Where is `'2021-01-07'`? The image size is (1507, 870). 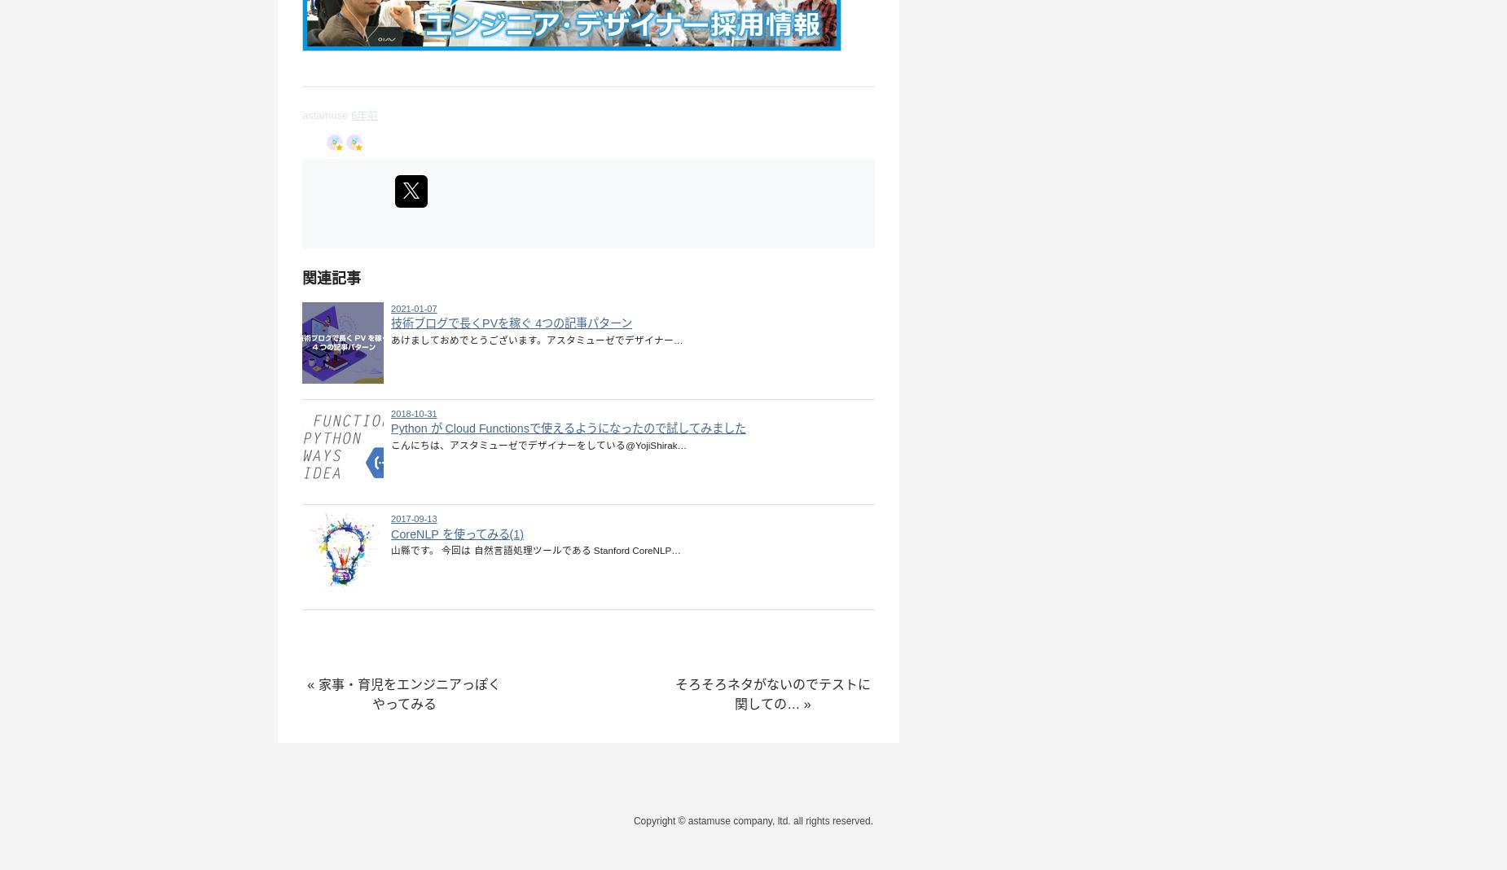
'2021-01-07' is located at coordinates (391, 306).